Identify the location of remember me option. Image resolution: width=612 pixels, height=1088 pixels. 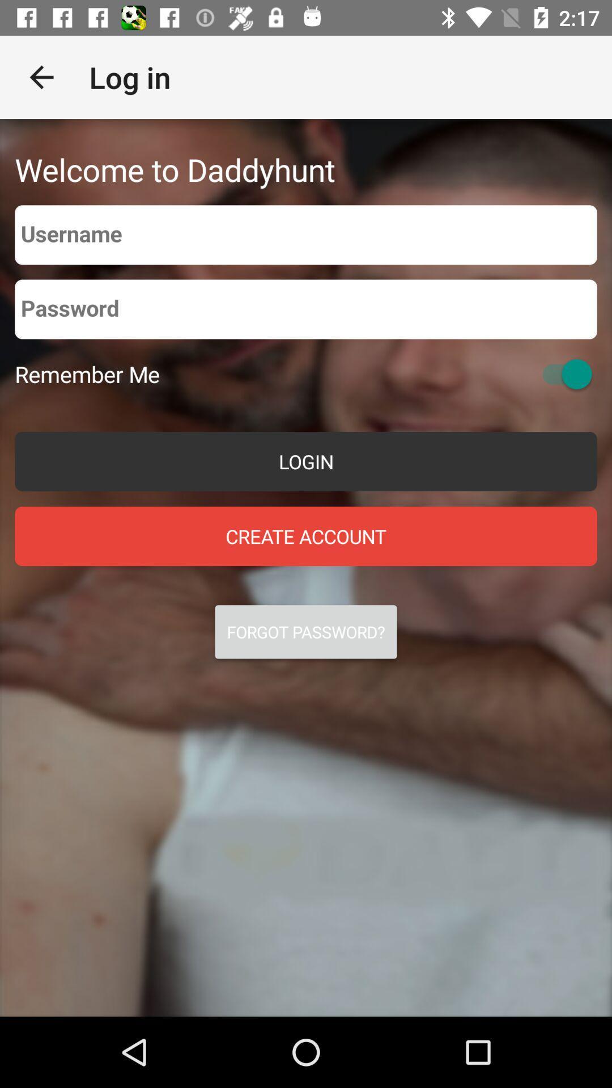
(562, 374).